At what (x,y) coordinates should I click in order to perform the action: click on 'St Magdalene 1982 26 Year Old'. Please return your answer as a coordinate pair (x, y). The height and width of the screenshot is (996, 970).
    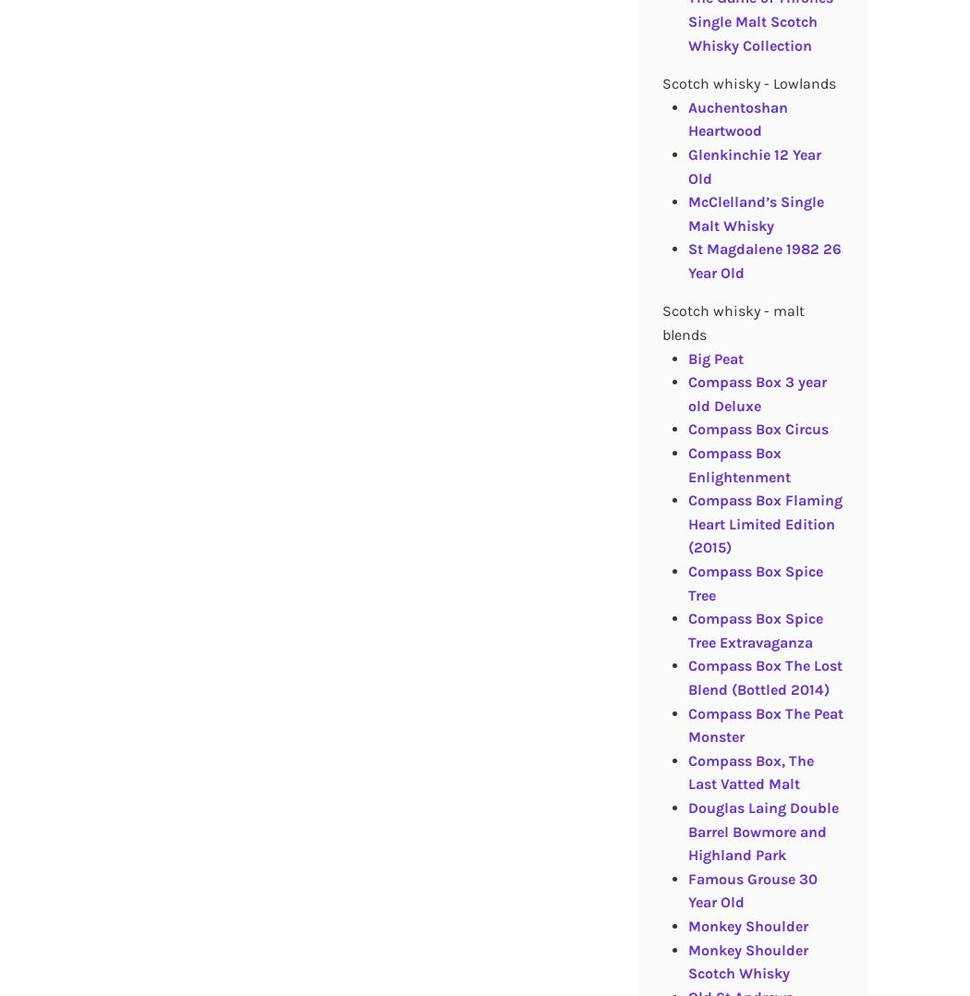
    Looking at the image, I should click on (763, 261).